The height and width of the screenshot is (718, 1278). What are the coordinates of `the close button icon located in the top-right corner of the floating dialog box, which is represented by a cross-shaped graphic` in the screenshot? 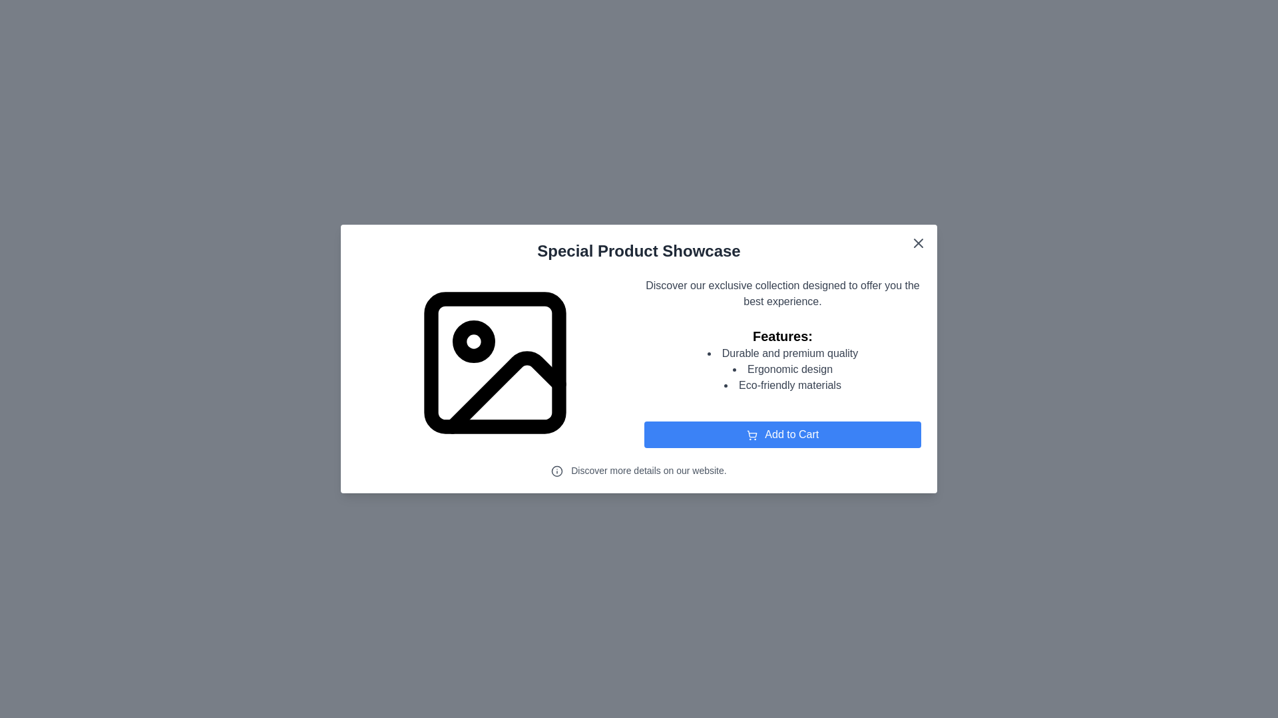 It's located at (918, 243).